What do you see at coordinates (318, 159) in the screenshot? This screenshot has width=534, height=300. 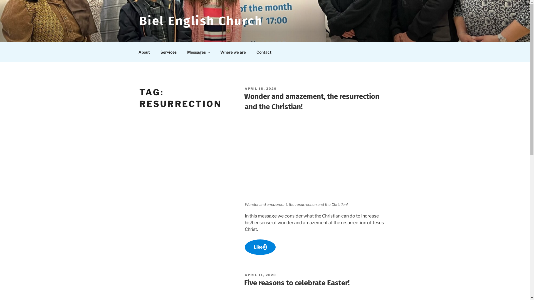 I see `'Wonder and amazement! A message from Biel English Church'` at bounding box center [318, 159].